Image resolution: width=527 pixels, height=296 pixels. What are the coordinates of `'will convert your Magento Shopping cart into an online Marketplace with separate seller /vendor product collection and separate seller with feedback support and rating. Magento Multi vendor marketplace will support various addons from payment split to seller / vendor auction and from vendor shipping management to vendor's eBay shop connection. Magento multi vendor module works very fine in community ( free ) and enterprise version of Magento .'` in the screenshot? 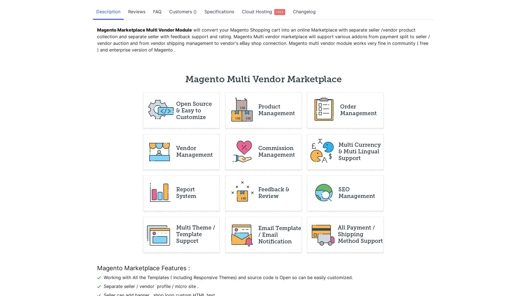 It's located at (97, 40).